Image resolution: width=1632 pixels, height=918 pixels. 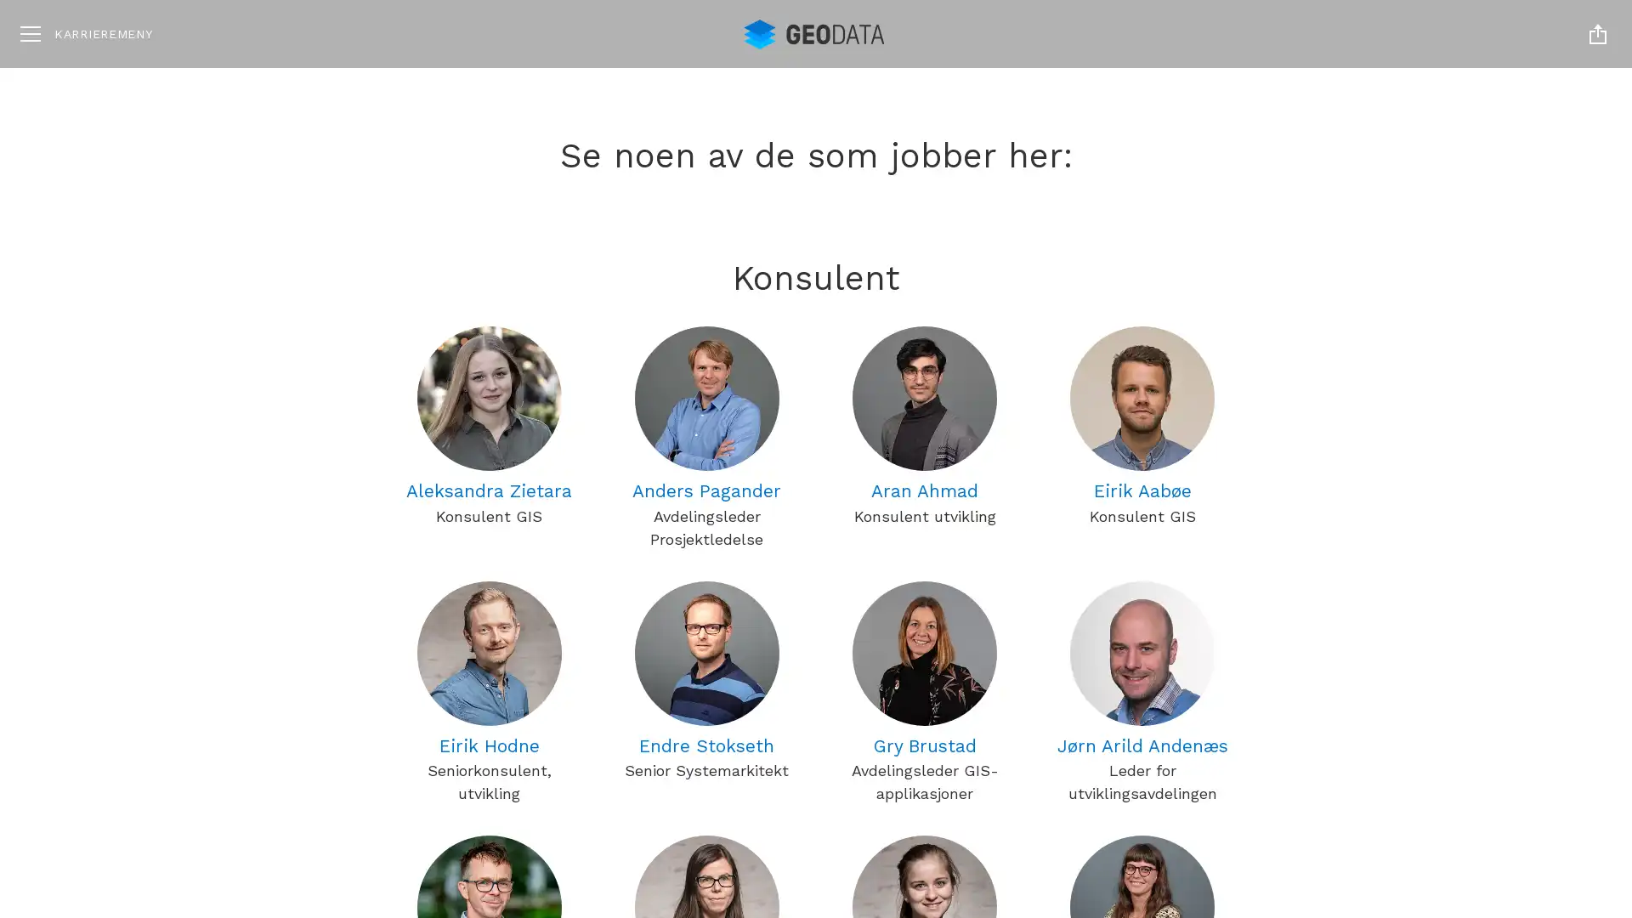 I want to click on Preferanser for informasjonskapsler, so click(x=1437, y=825).